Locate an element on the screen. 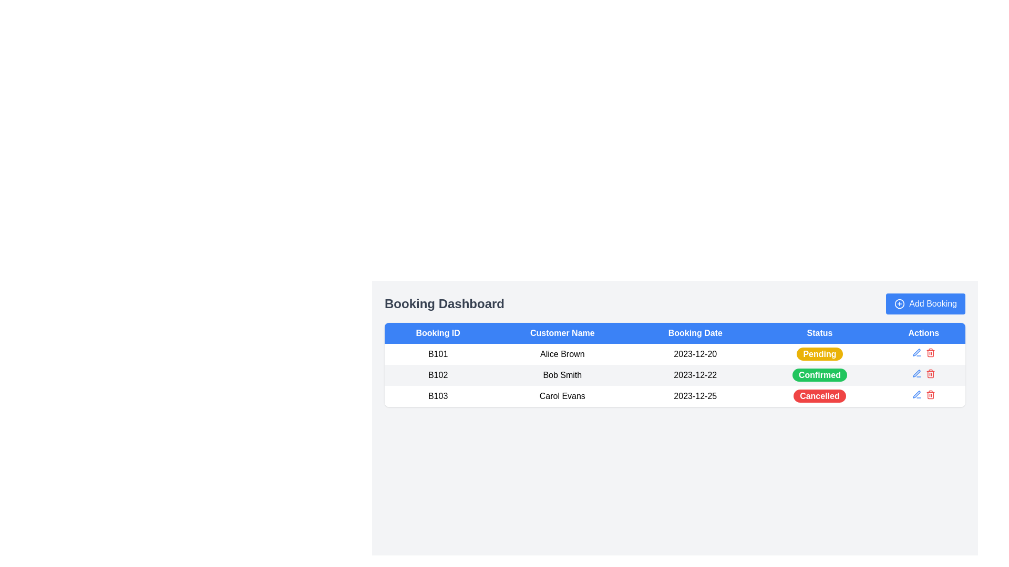 The image size is (1009, 567). the trash icon button in the 'Actions' column corresponding to the 'Pending' status to observe style changes is located at coordinates (930, 352).